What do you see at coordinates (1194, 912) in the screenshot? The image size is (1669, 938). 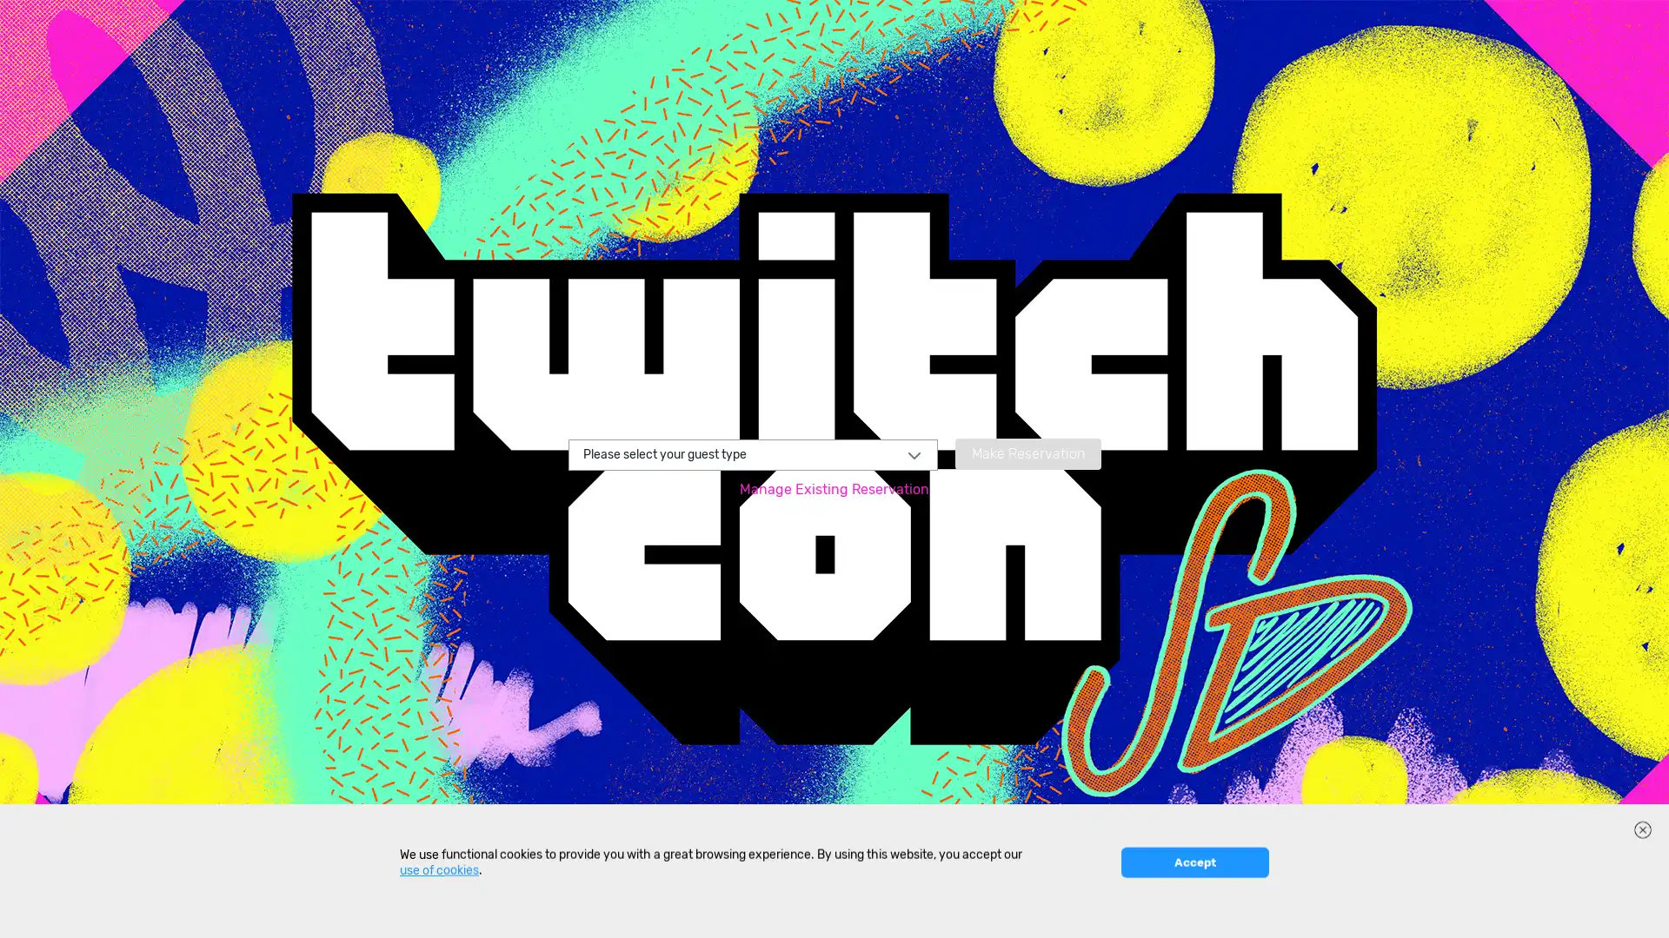 I see `Accept` at bounding box center [1194, 912].